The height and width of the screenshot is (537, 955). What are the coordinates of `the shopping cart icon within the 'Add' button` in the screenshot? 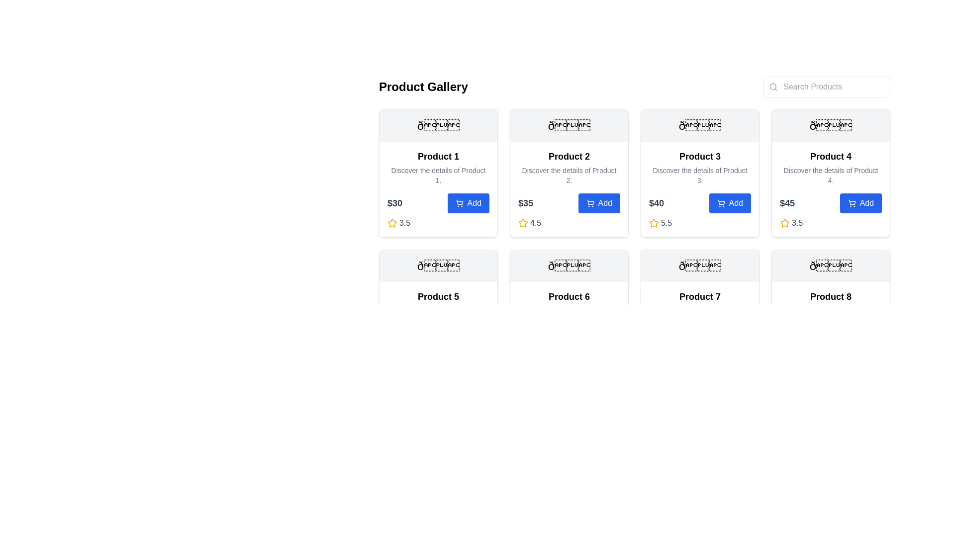 It's located at (721, 202).